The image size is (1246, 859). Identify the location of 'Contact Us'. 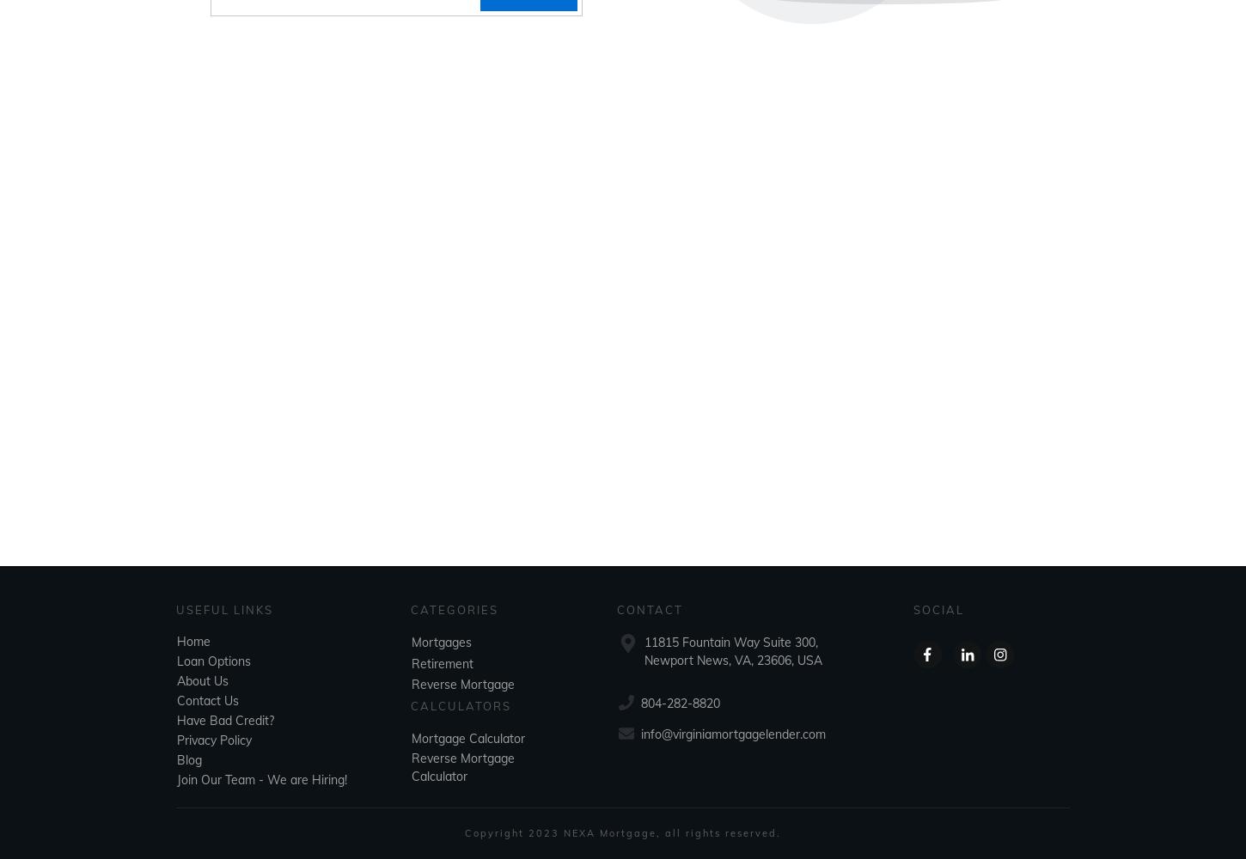
(208, 700).